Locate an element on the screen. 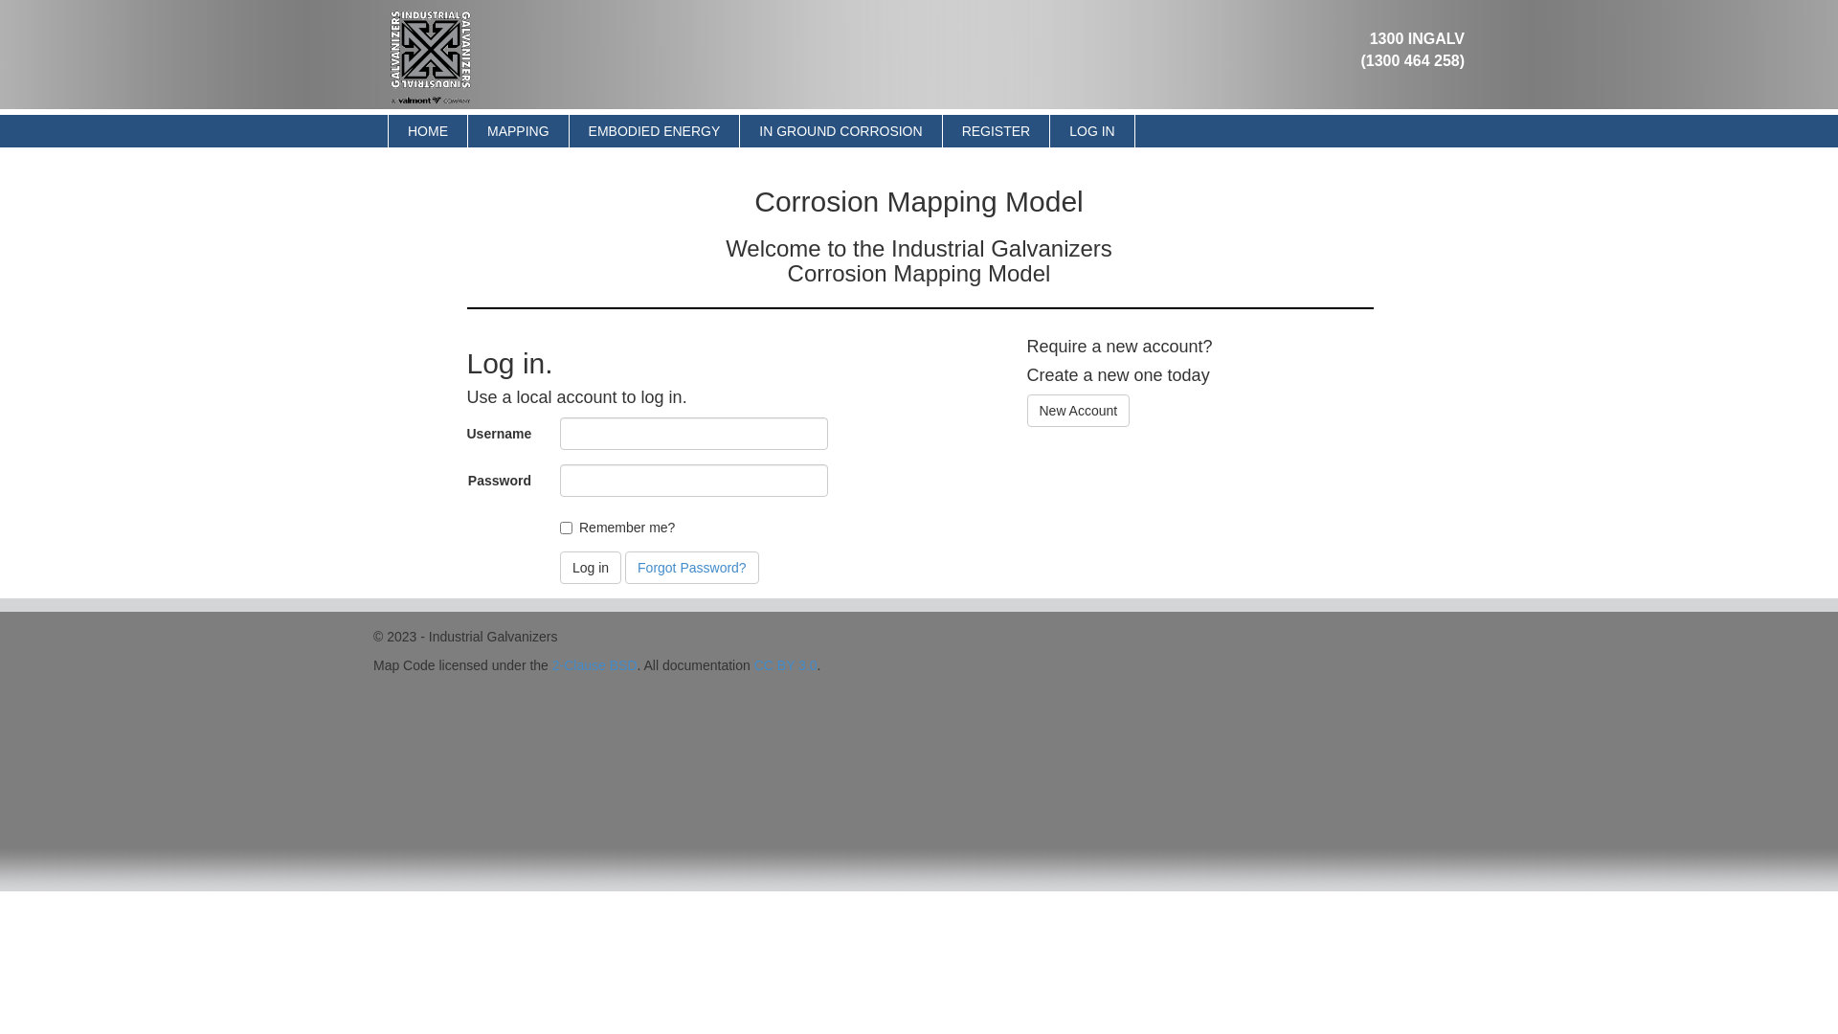 This screenshot has height=1034, width=1838. 'MAPPING' is located at coordinates (518, 130).